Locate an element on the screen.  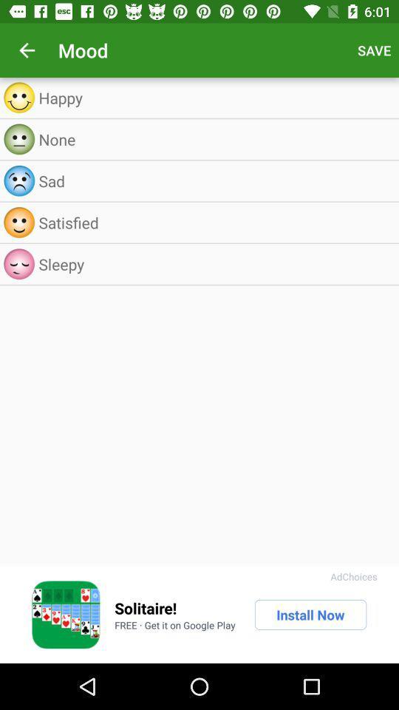
the icon next to mood item is located at coordinates (27, 50).